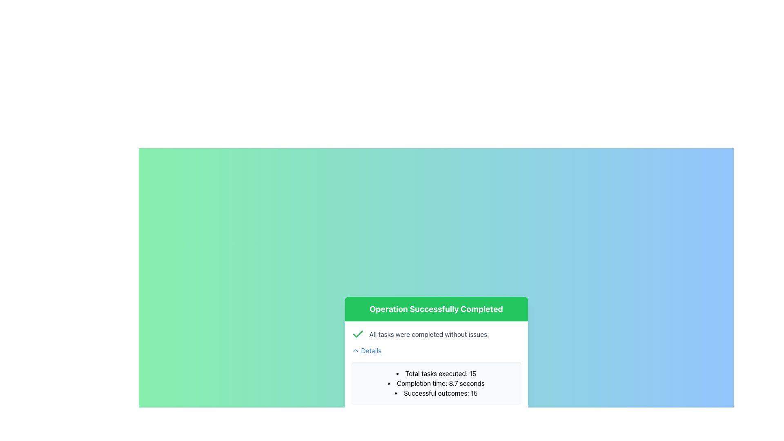 This screenshot has height=441, width=784. I want to click on the success acknowledgment icon located within the notification box, positioned to the left of the success message text 'All tasks were completed without issues.', so click(358, 334).